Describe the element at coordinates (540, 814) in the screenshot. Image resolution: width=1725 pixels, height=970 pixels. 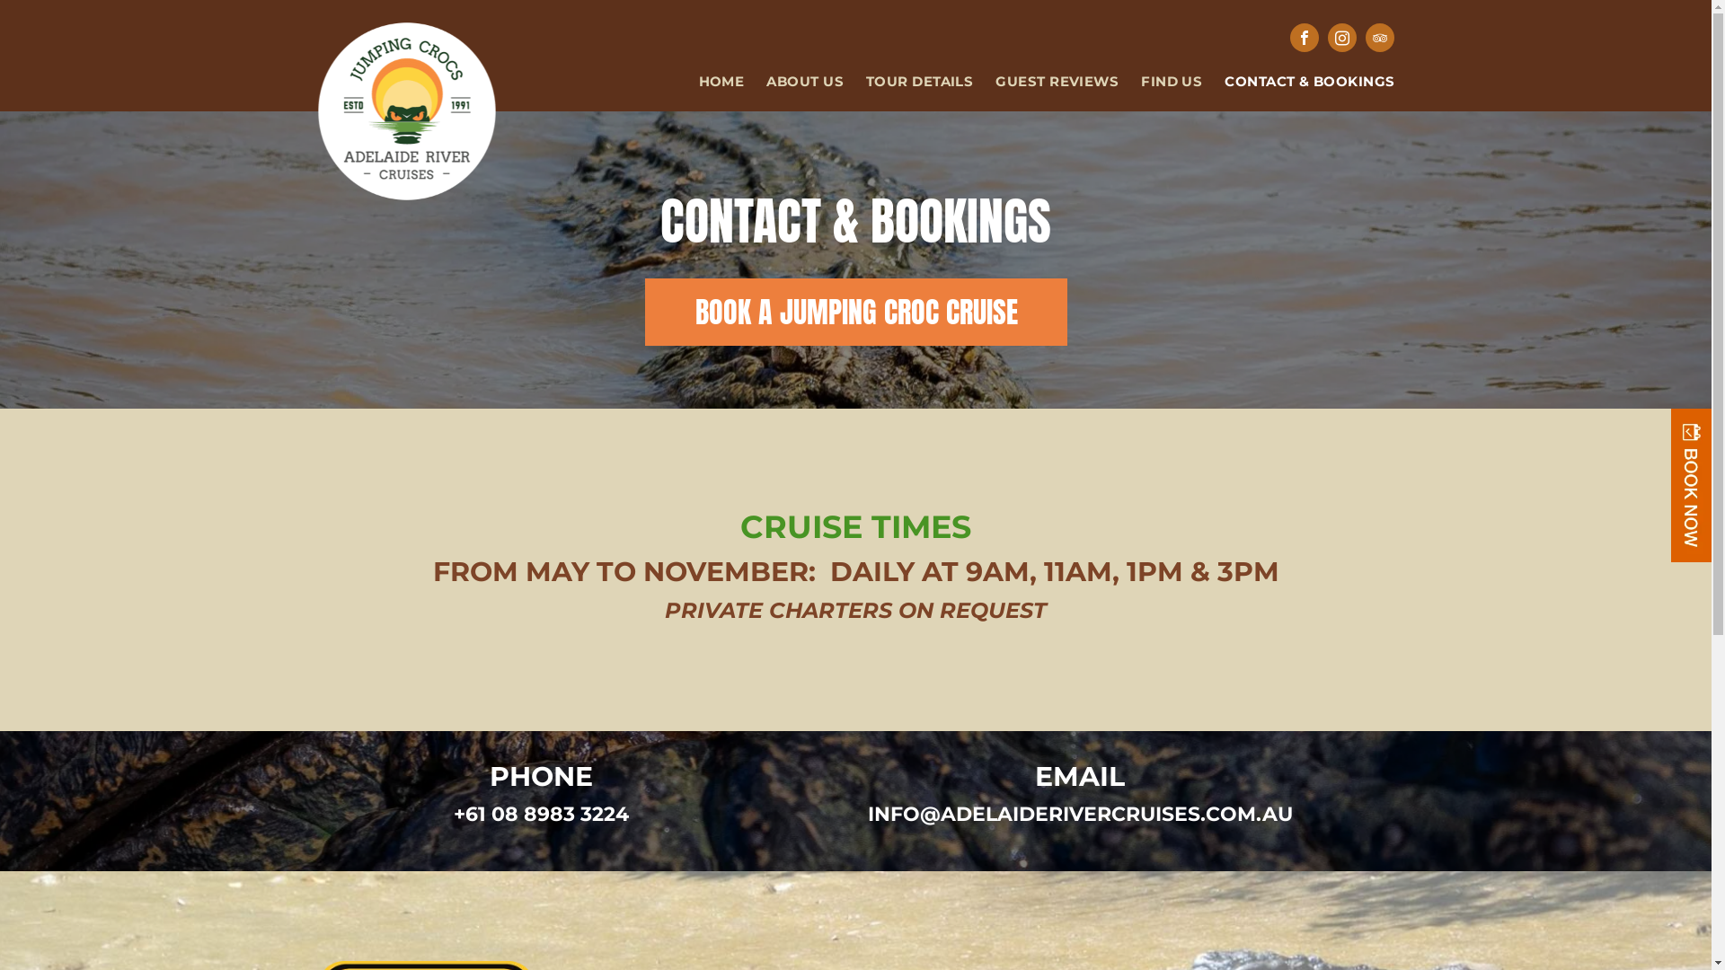
I see `'+61 08 8983 3224'` at that location.